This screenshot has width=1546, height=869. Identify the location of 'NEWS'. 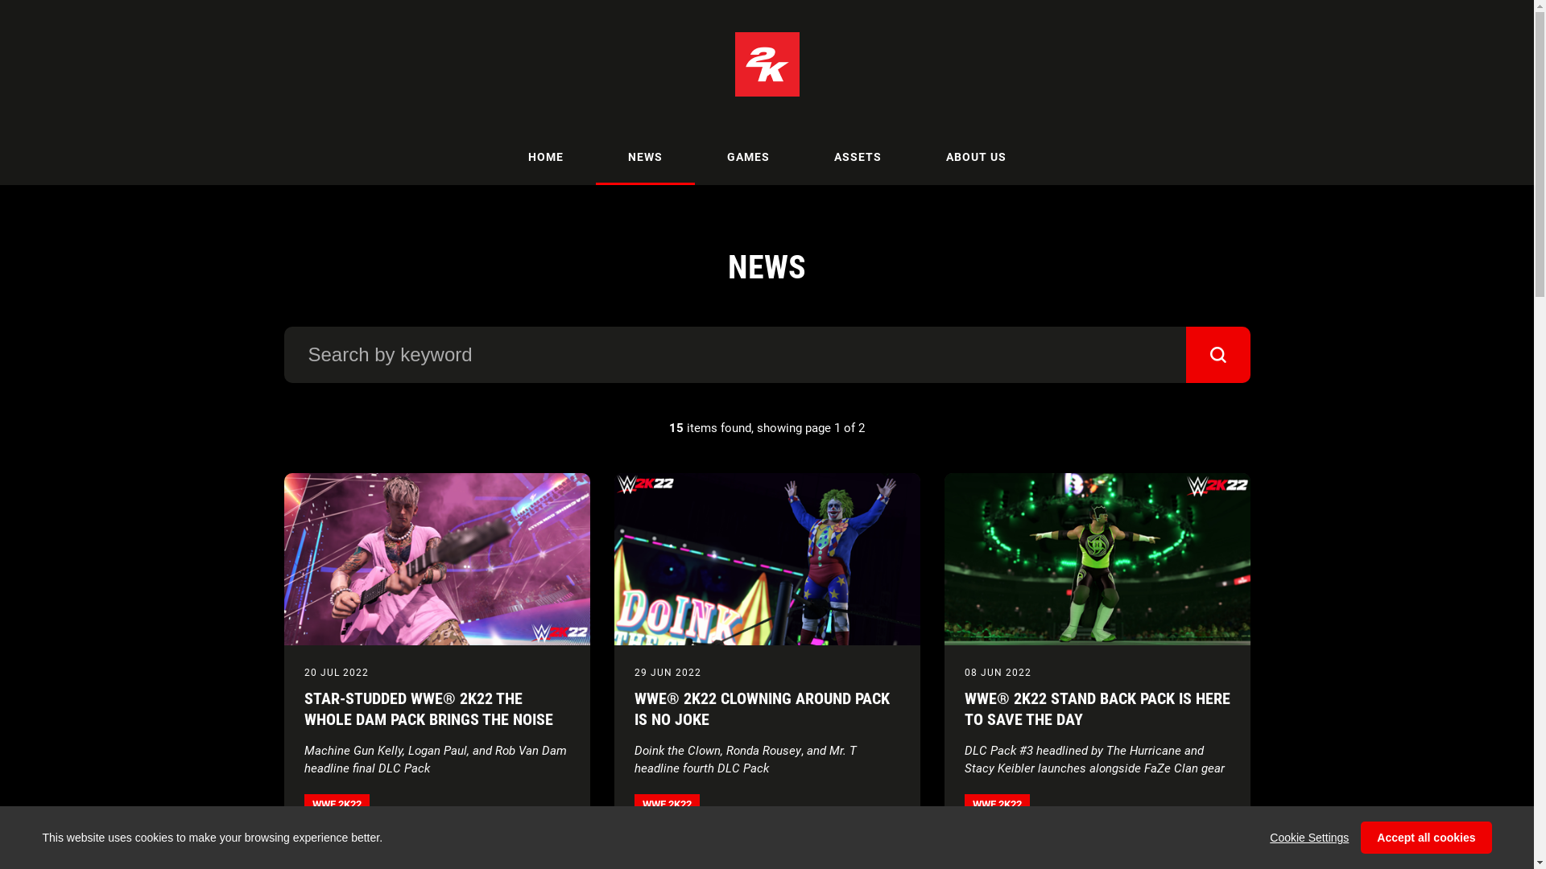
(645, 157).